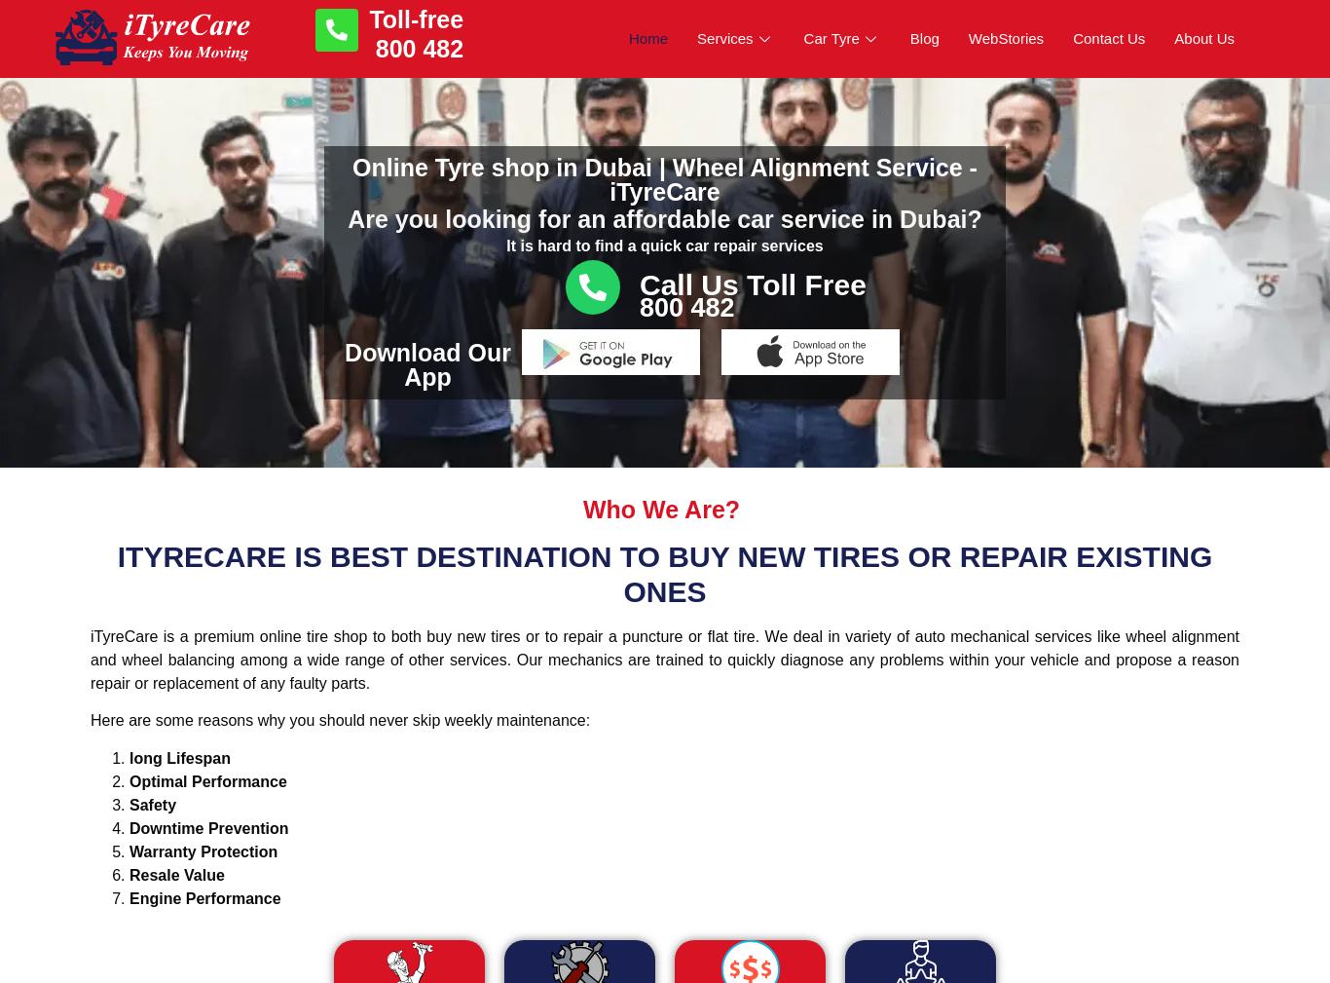 Image resolution: width=1330 pixels, height=983 pixels. I want to click on 'Car Oil Change', so click(744, 331).